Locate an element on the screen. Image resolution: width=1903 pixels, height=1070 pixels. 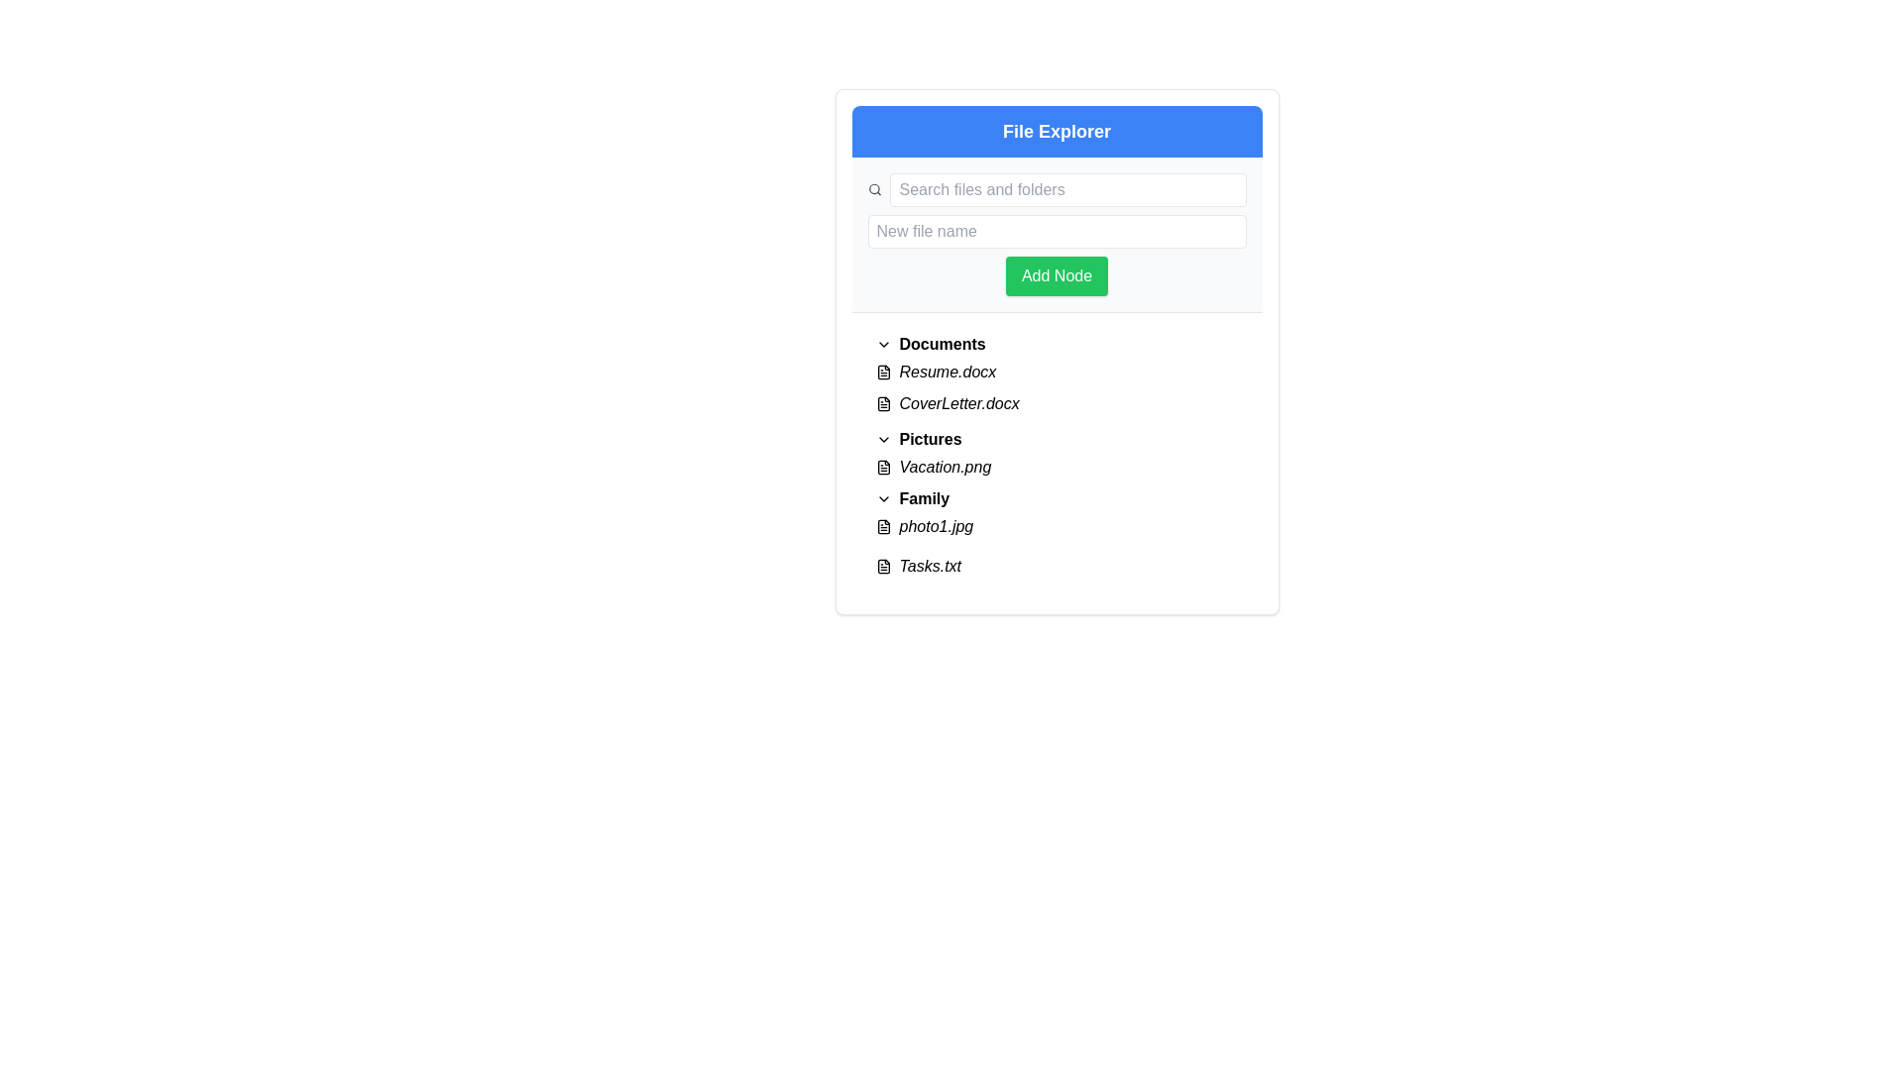
the file icon representing a text document is located at coordinates (882, 526).